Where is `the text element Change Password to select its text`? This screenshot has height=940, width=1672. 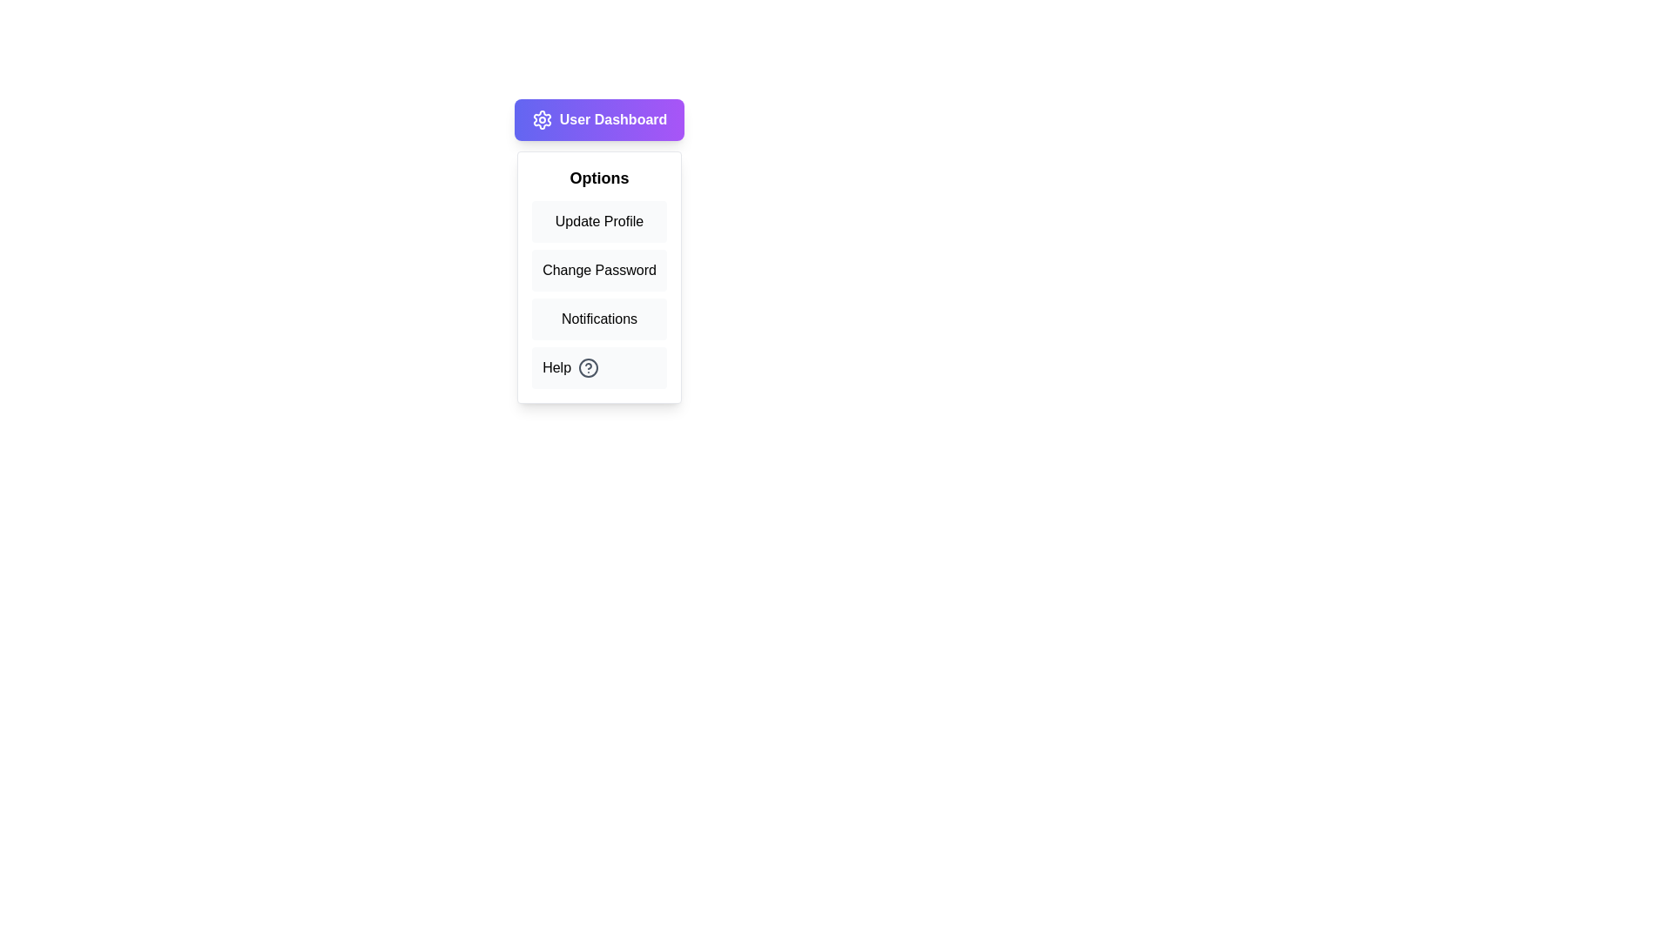 the text element Change Password to select its text is located at coordinates (599, 271).